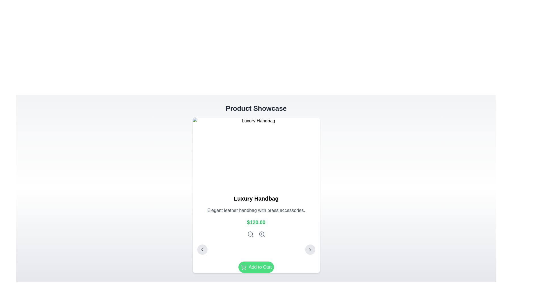 Image resolution: width=545 pixels, height=306 pixels. I want to click on the circular button with a soft gray background and a right-facing chevron icon, so click(310, 249).